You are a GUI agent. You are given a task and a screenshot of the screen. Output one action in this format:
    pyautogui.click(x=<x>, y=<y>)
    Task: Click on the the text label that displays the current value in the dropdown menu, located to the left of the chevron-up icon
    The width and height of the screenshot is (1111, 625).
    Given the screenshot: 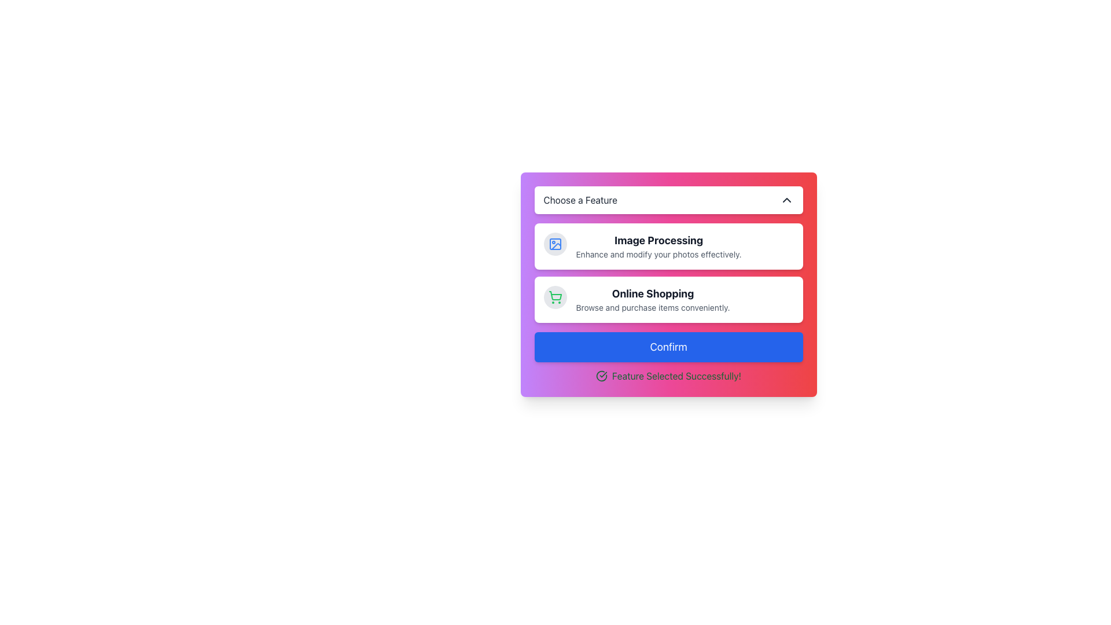 What is the action you would take?
    pyautogui.click(x=580, y=200)
    